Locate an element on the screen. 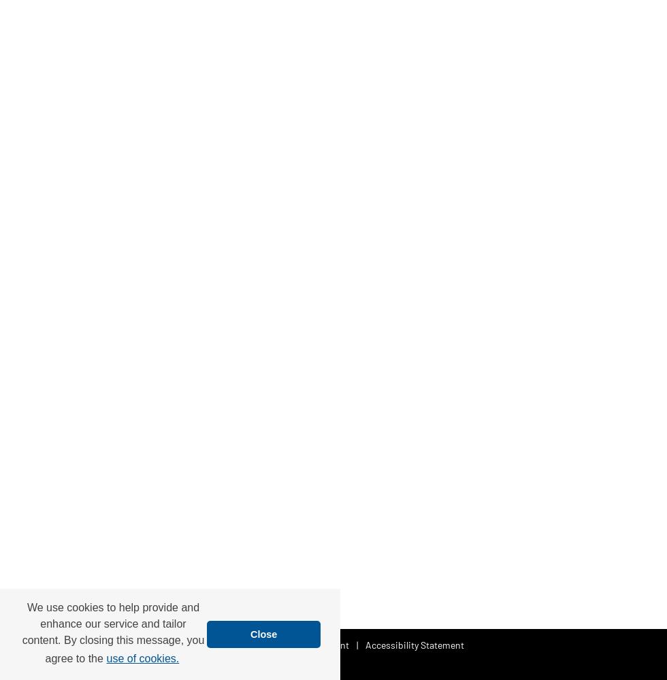 This screenshot has width=667, height=680. 'My Account' is located at coordinates (325, 643).